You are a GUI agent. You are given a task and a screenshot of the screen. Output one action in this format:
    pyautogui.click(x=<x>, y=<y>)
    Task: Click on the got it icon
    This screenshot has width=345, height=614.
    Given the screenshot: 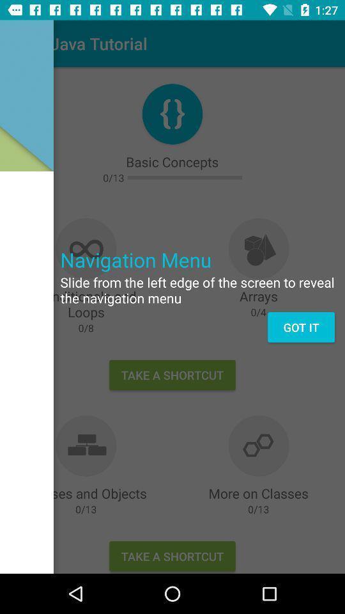 What is the action you would take?
    pyautogui.click(x=301, y=326)
    